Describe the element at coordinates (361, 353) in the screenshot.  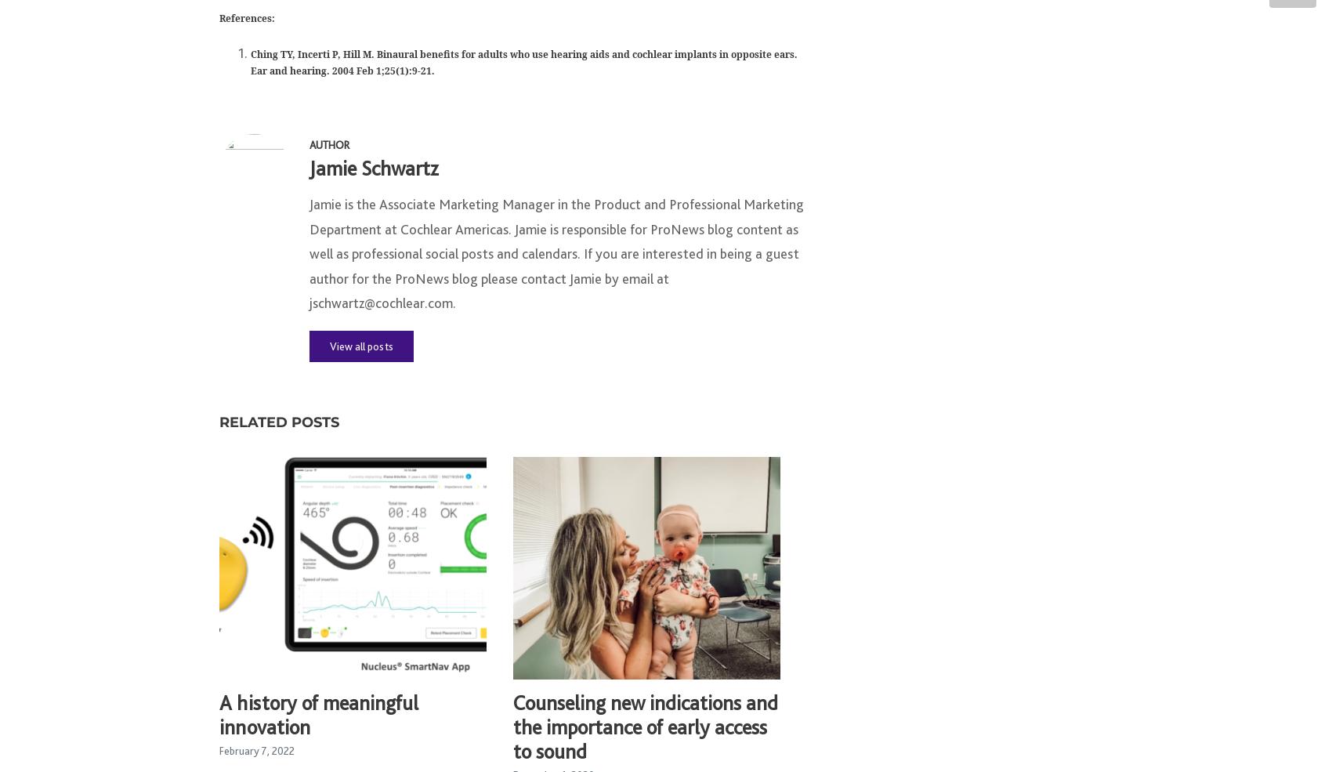
I see `'View all posts'` at that location.